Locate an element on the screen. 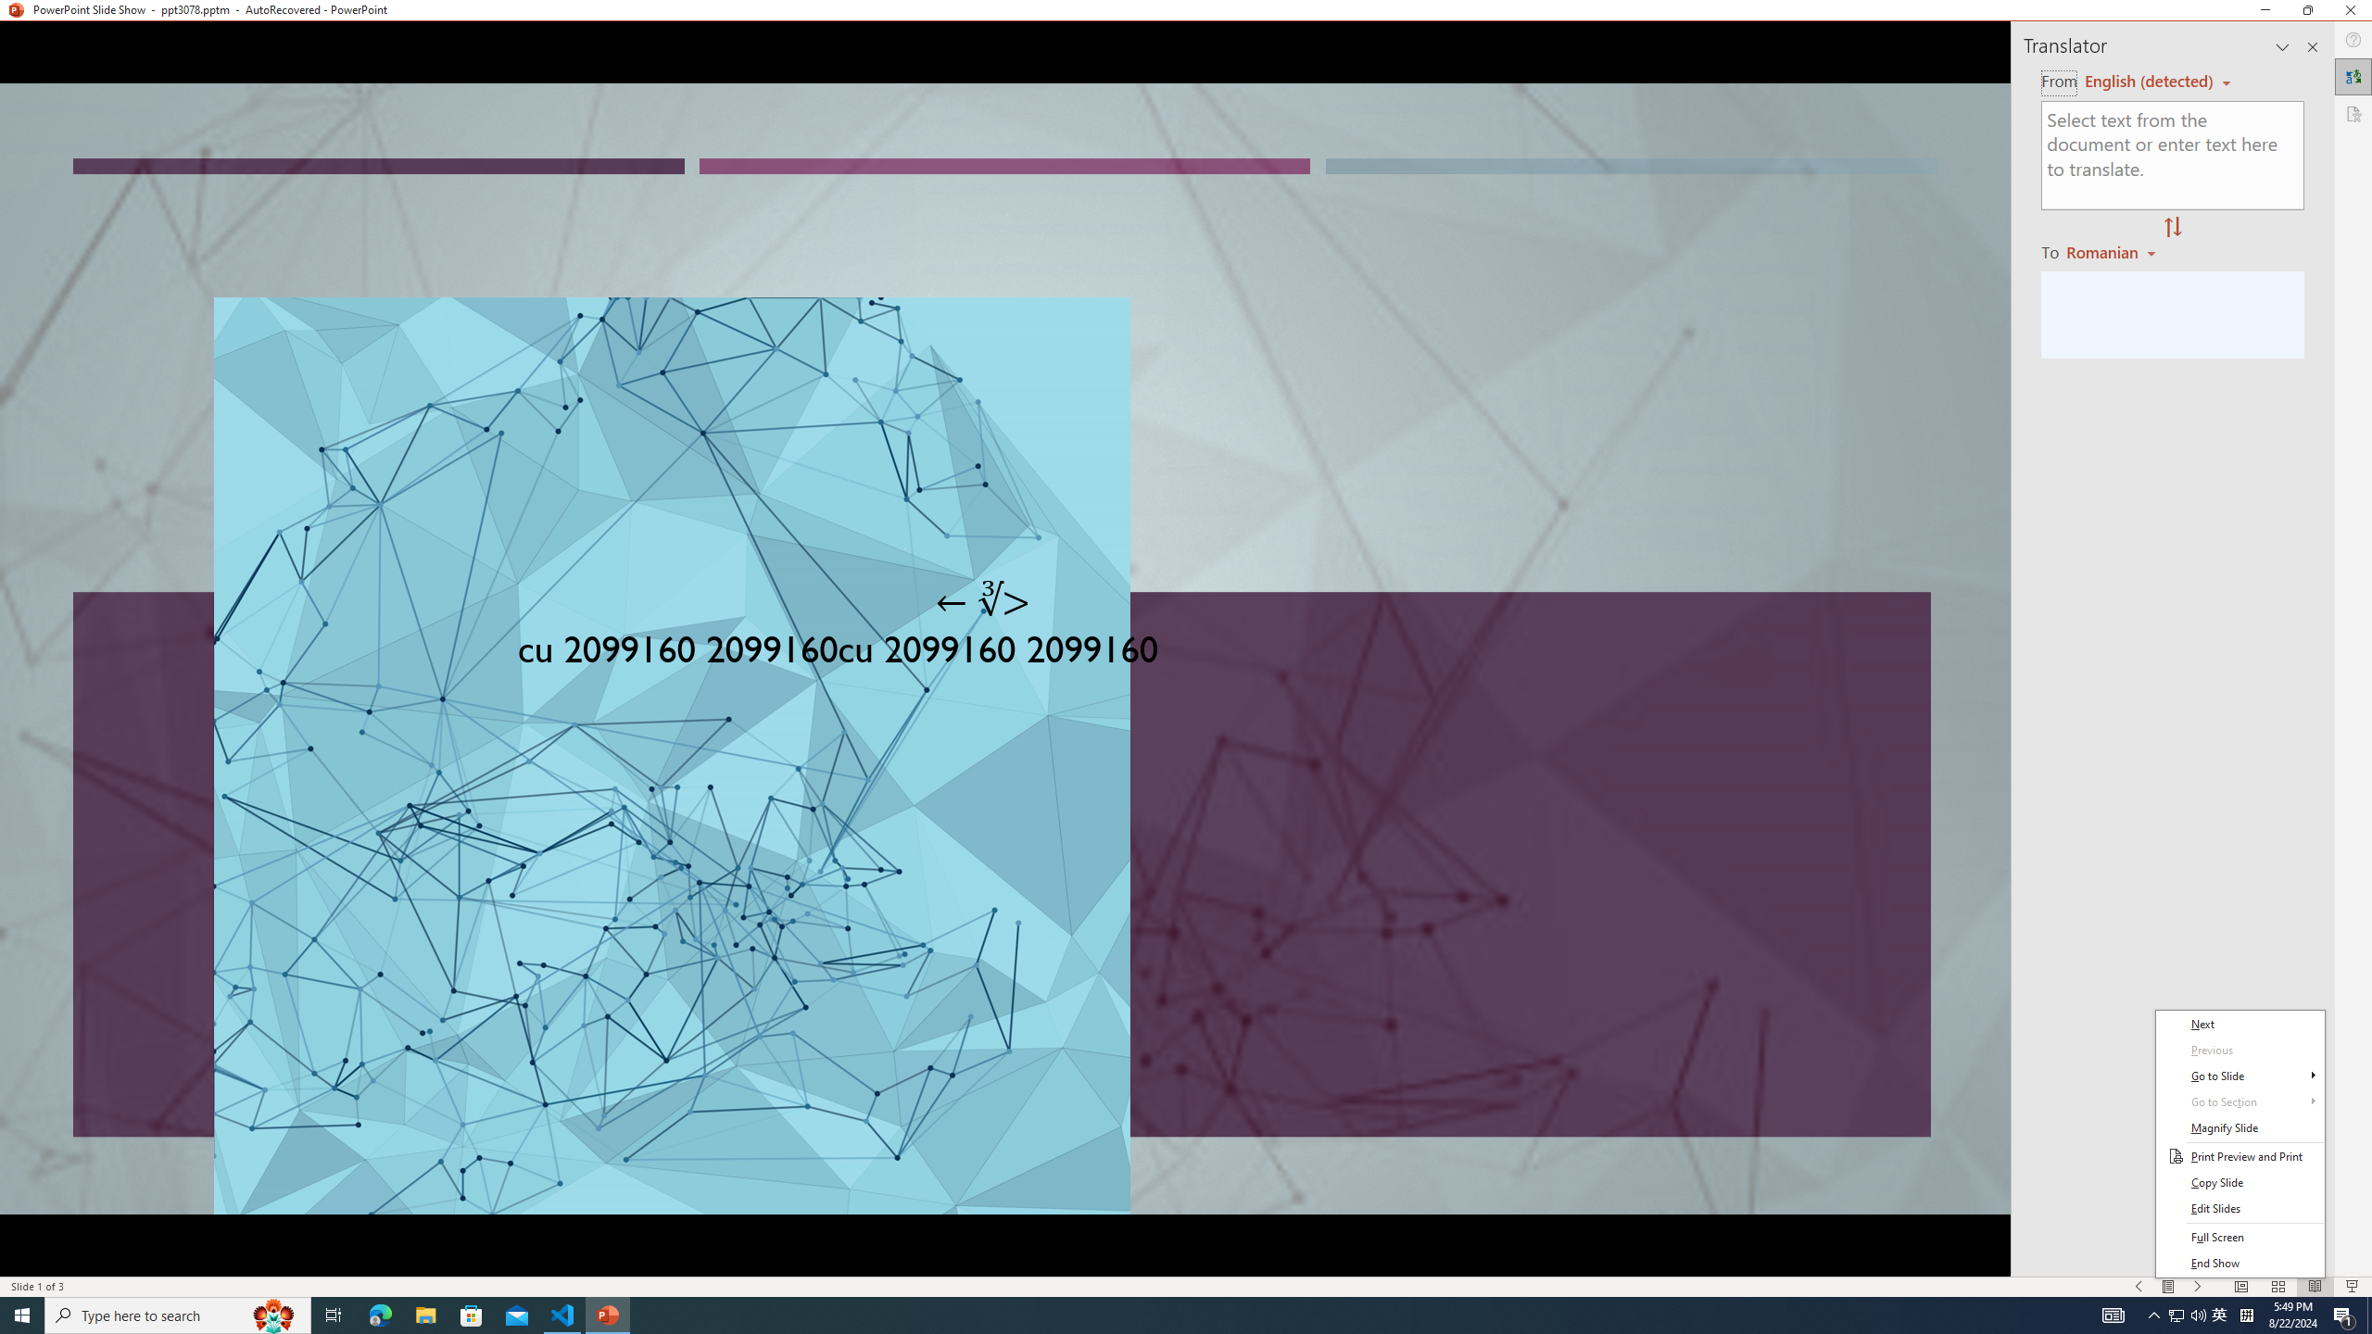 The image size is (2372, 1334). 'Czech (detected)' is located at coordinates (2149, 82).